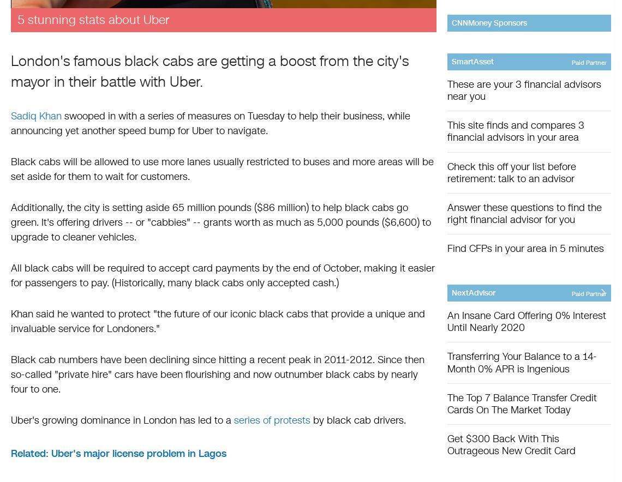 The width and height of the screenshot is (622, 482). I want to click on 'Additionally, the city is setting aside 65 million pounds ($86 million) to help black cabs go green. It's offering drivers -- or "cabbies" -- grants worth as much as 5,000 pounds ($6,600)', so click(214, 215).